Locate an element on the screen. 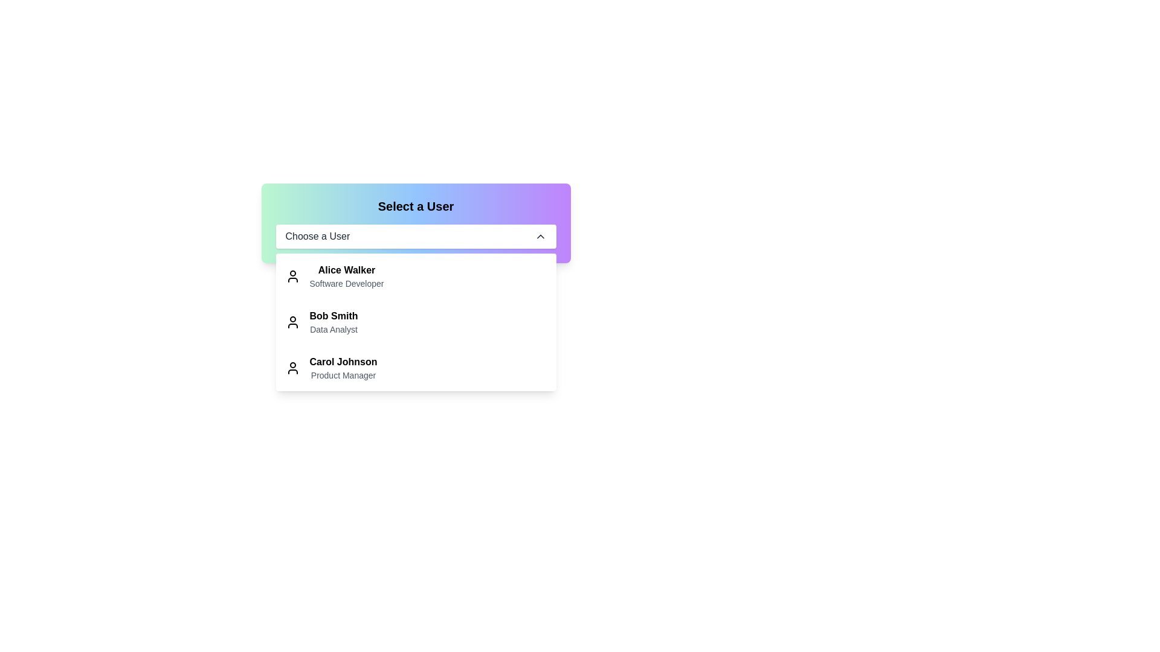 Image resolution: width=1160 pixels, height=652 pixels. the user profile icon representing 'Bob Smith', a Data Analyst, which is a black line drawing icon located to the left of the text in the dropdown list is located at coordinates (292, 321).